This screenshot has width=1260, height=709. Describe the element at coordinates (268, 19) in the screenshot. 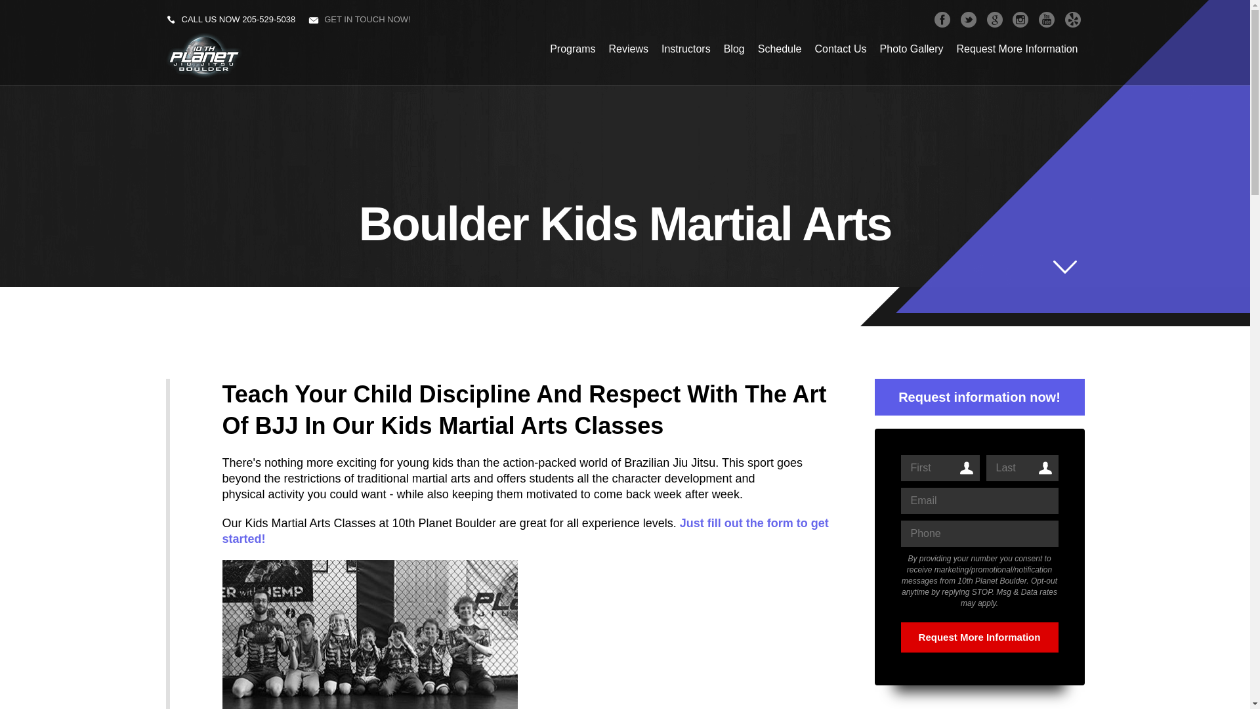

I see `'205-529-5038'` at that location.